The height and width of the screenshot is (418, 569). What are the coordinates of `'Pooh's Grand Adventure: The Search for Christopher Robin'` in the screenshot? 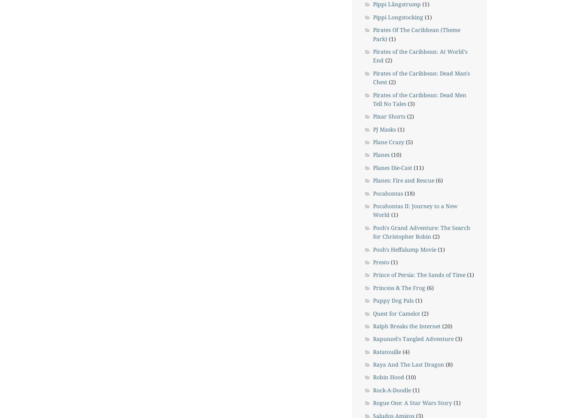 It's located at (421, 232).